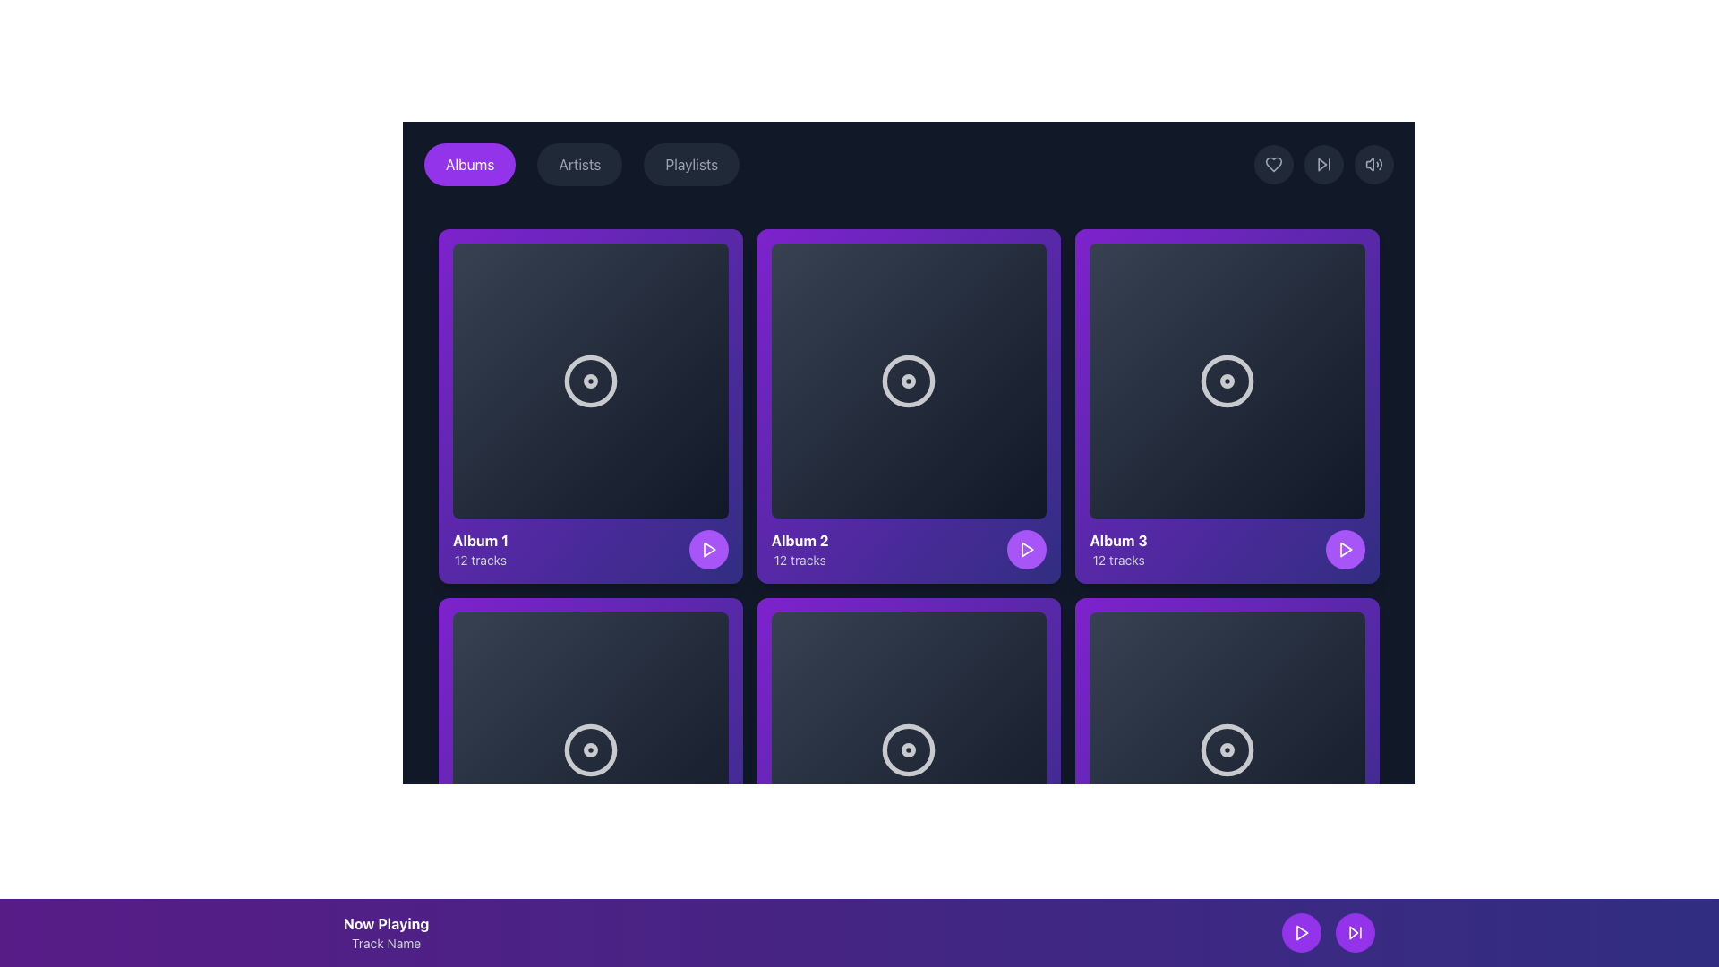 This screenshot has height=967, width=1719. Describe the element at coordinates (1373, 165) in the screenshot. I see `the circular audio control button with a speaker icon in the upper-right corner of the user interface` at that location.